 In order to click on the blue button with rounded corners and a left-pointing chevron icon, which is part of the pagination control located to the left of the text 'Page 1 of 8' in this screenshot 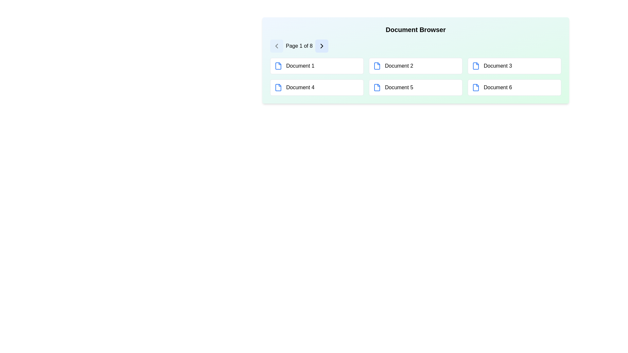, I will do `click(276, 46)`.